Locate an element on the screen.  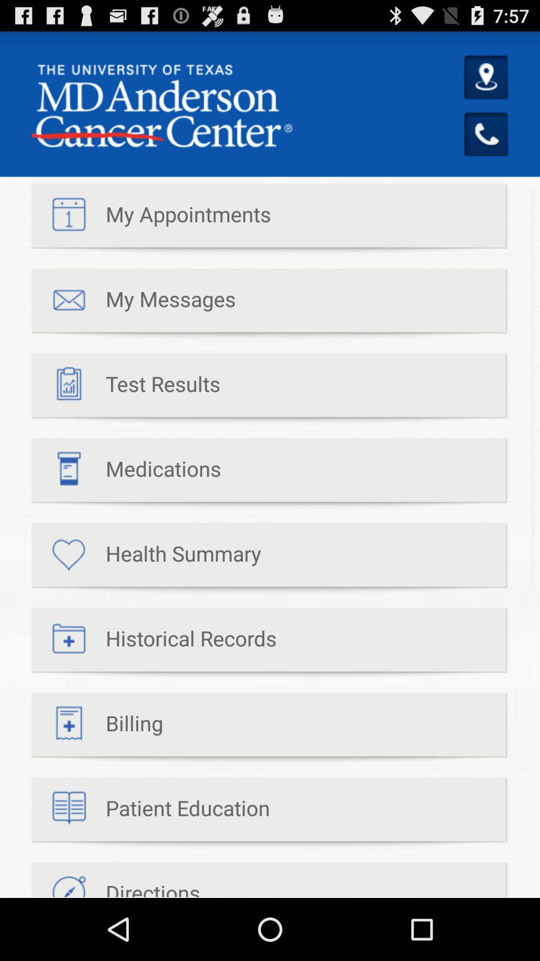
the medications icon is located at coordinates (125, 473).